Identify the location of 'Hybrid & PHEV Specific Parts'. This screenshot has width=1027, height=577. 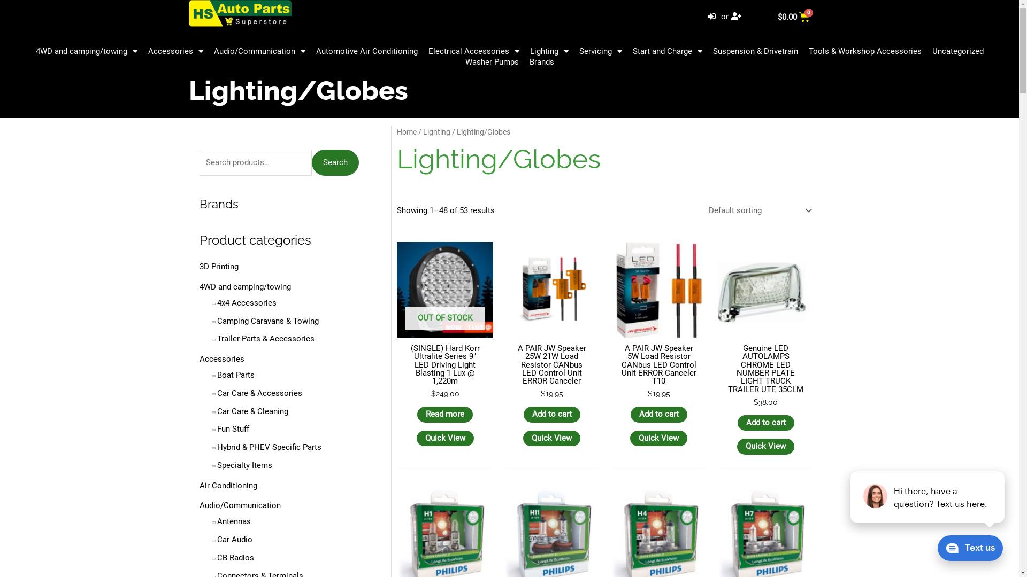
(269, 447).